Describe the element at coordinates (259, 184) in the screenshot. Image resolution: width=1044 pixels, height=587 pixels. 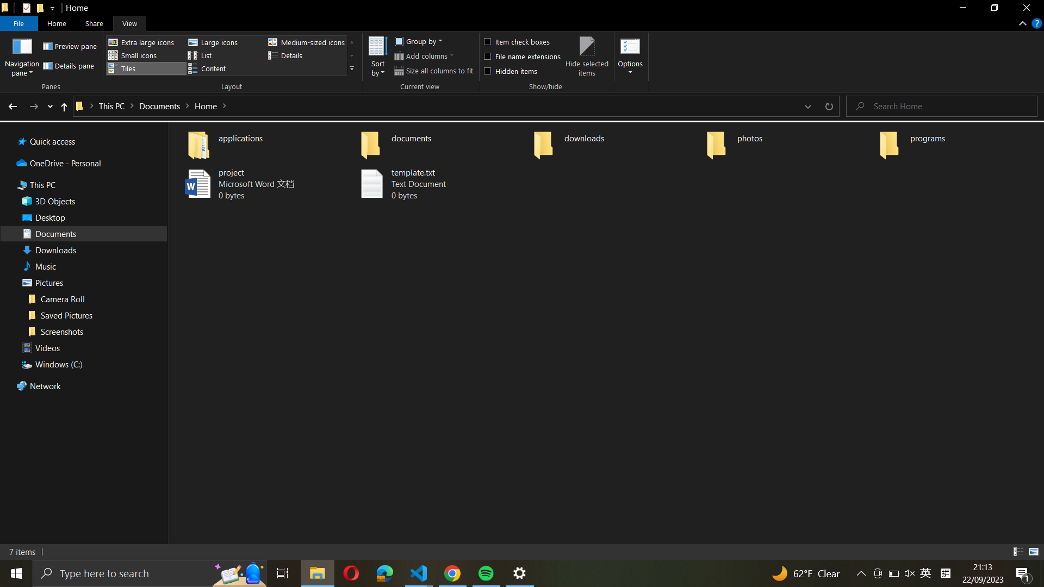
I see `Alter the file name "project.docx" to "final_project.docx` at that location.